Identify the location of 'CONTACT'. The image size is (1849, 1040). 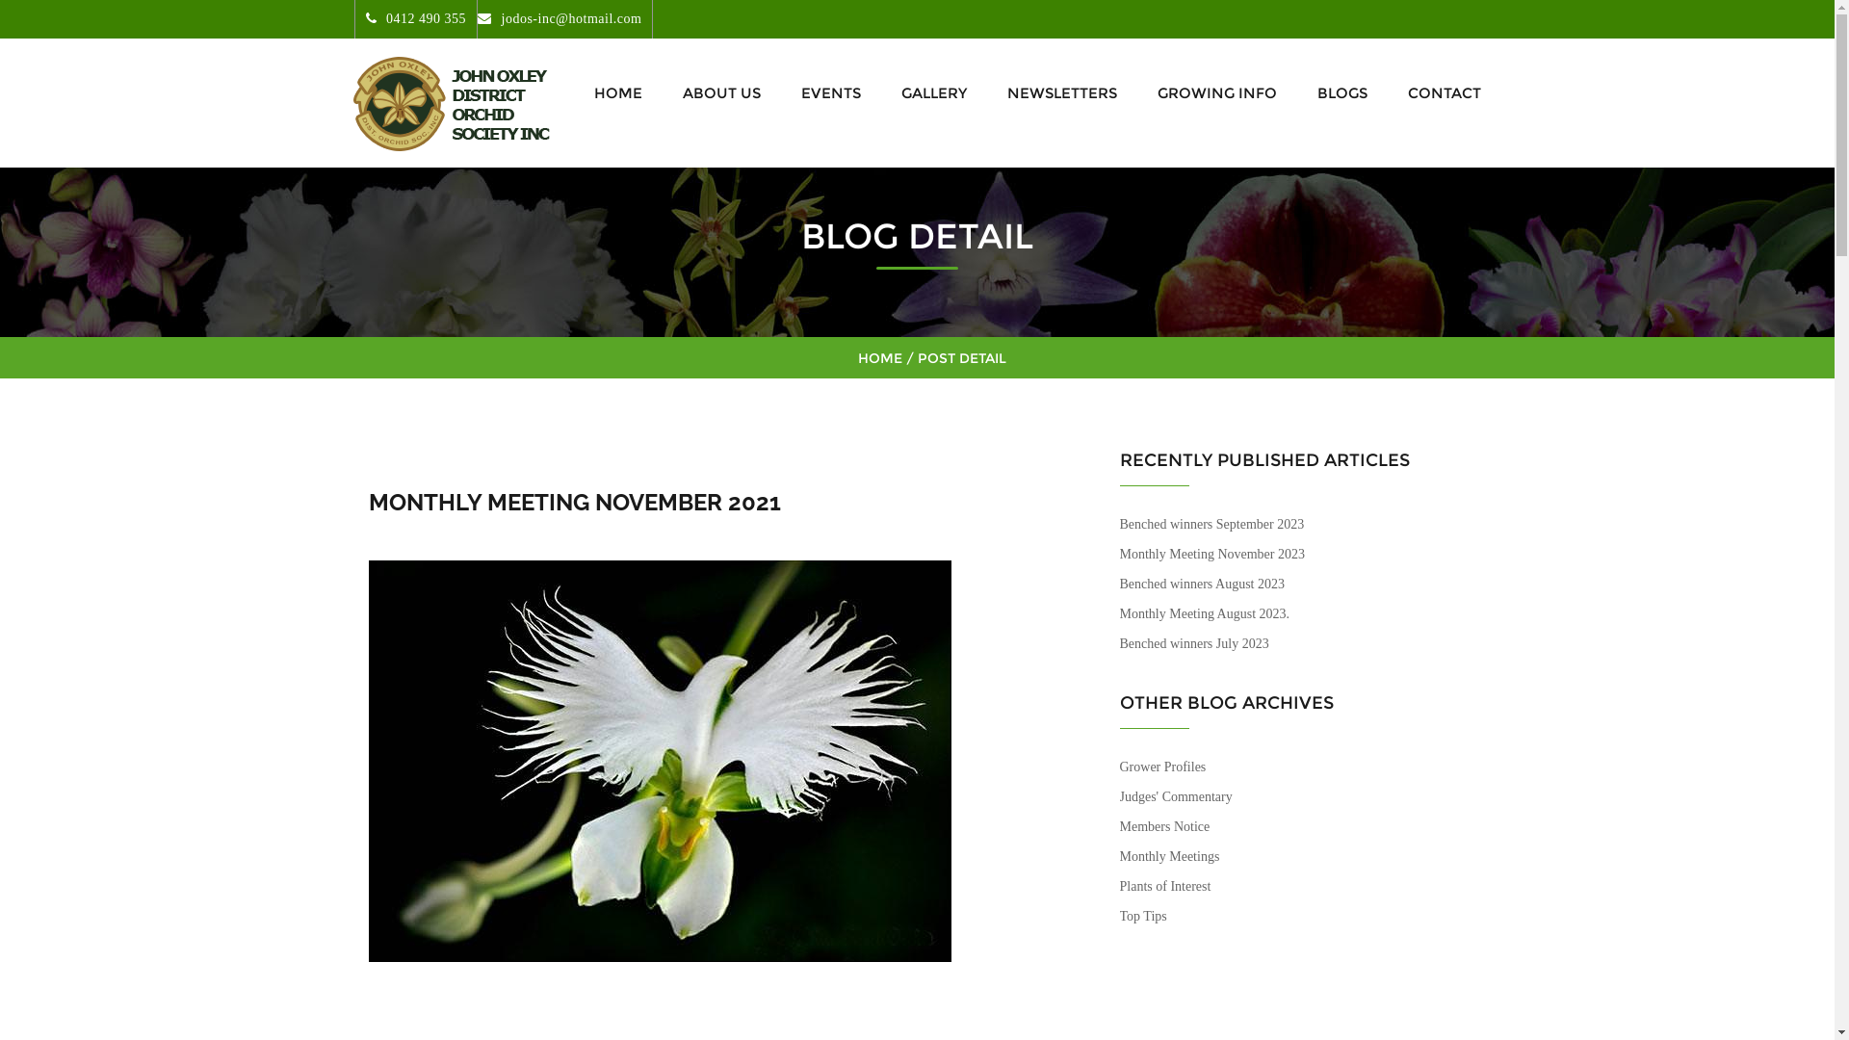
(1438, 92).